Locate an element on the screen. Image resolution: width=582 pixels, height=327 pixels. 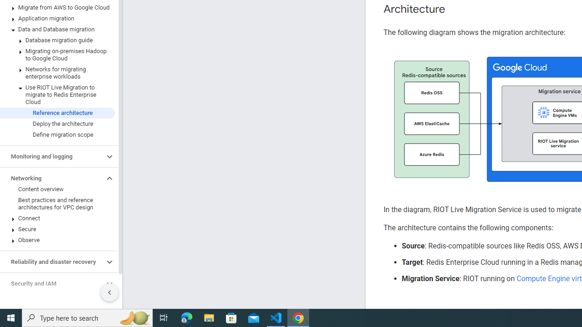
'Networks for migrating enterprise workloads' is located at coordinates (57, 72).